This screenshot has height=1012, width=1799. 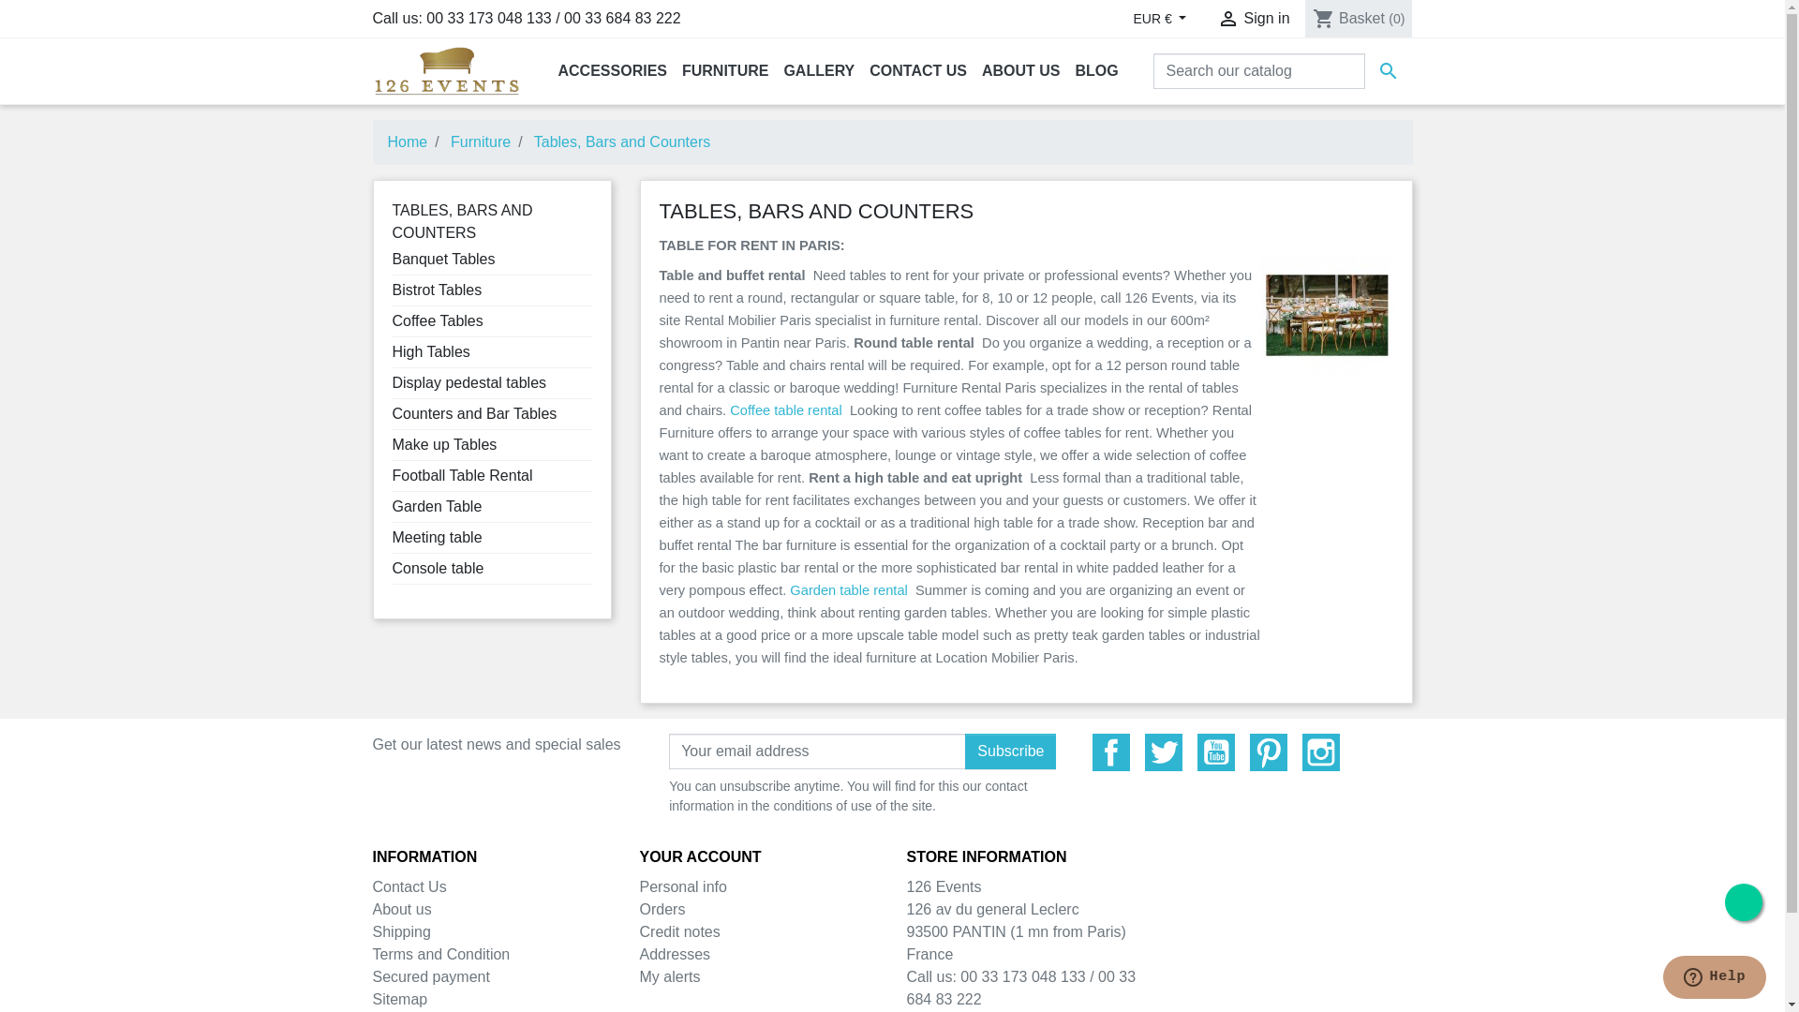 What do you see at coordinates (662, 908) in the screenshot?
I see `'Orders'` at bounding box center [662, 908].